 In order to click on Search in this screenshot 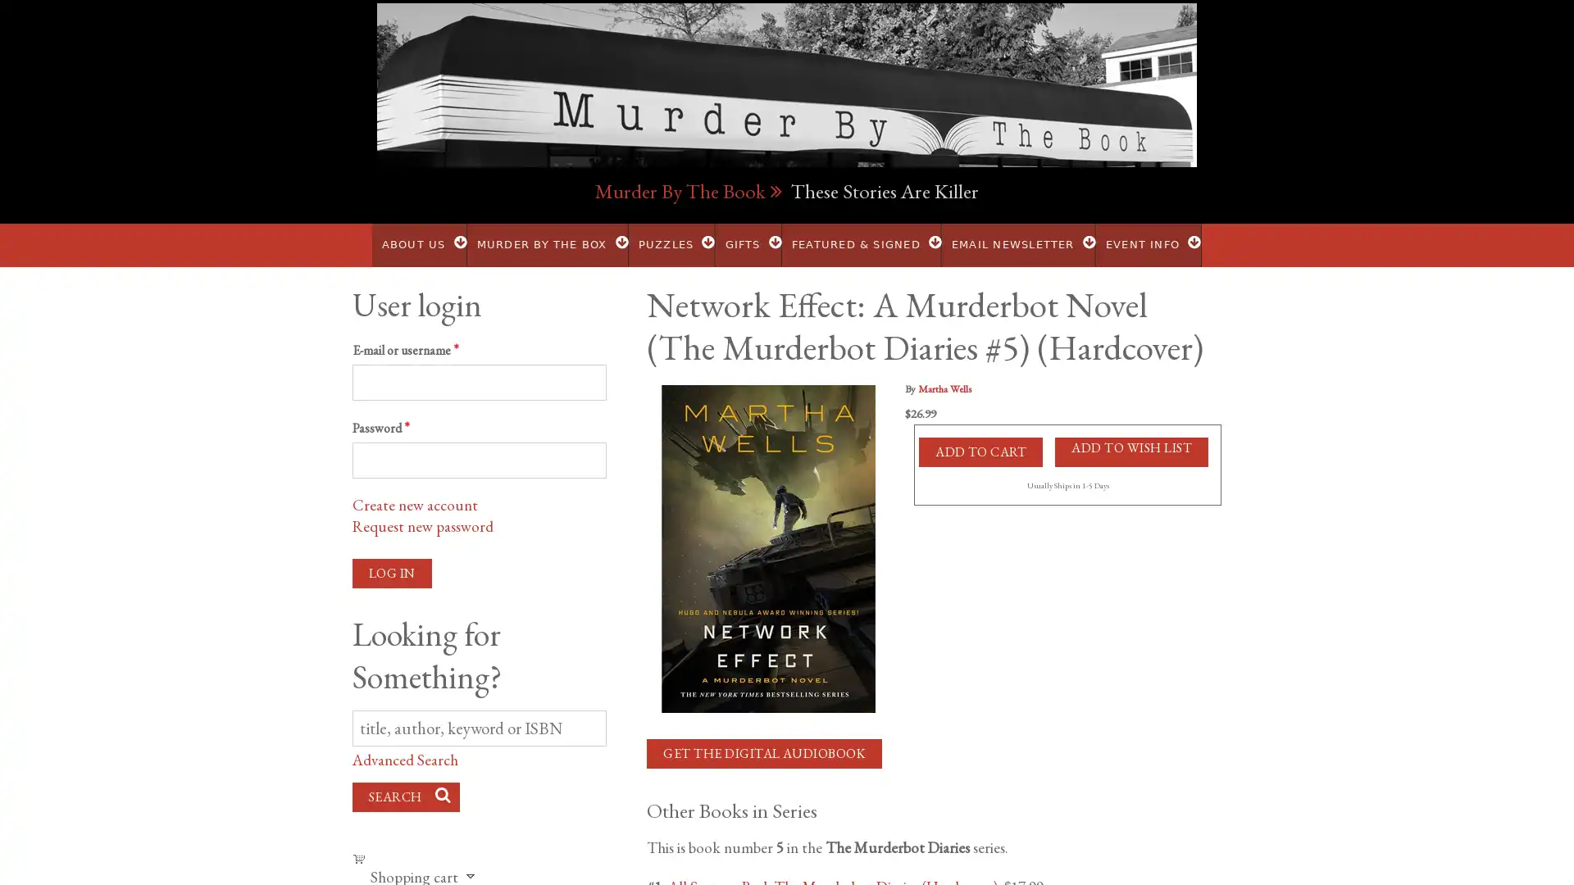, I will do `click(405, 830)`.